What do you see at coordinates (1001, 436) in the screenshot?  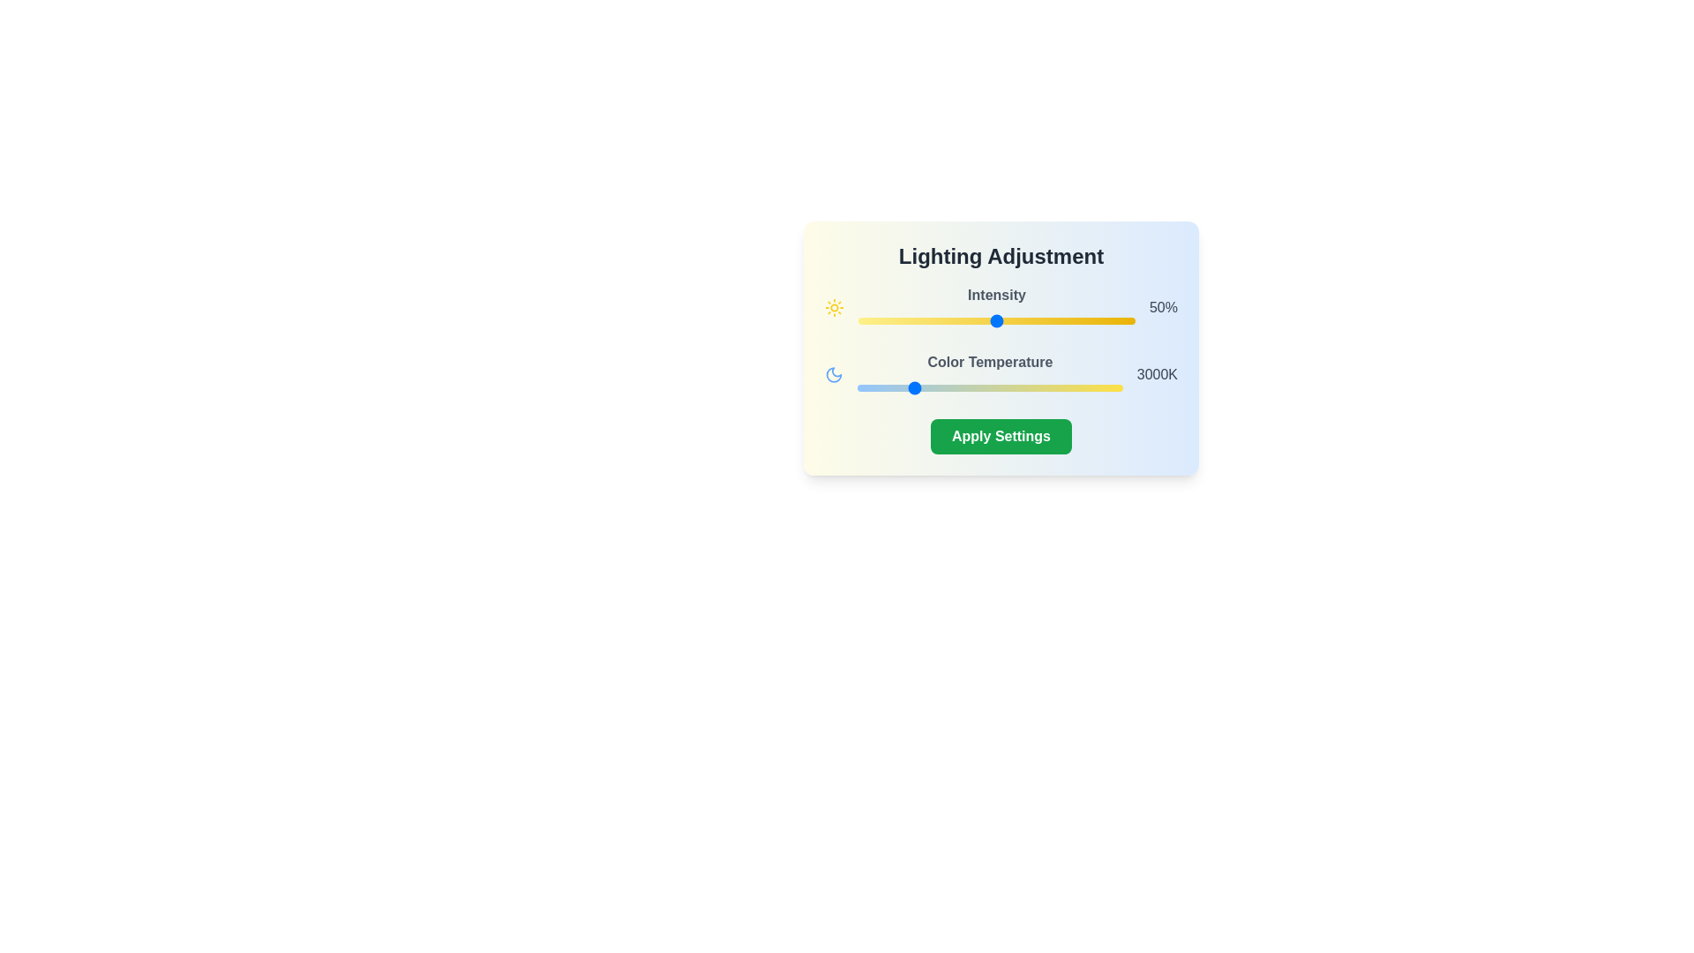 I see `the text 'Apply Settings' from the component` at bounding box center [1001, 436].